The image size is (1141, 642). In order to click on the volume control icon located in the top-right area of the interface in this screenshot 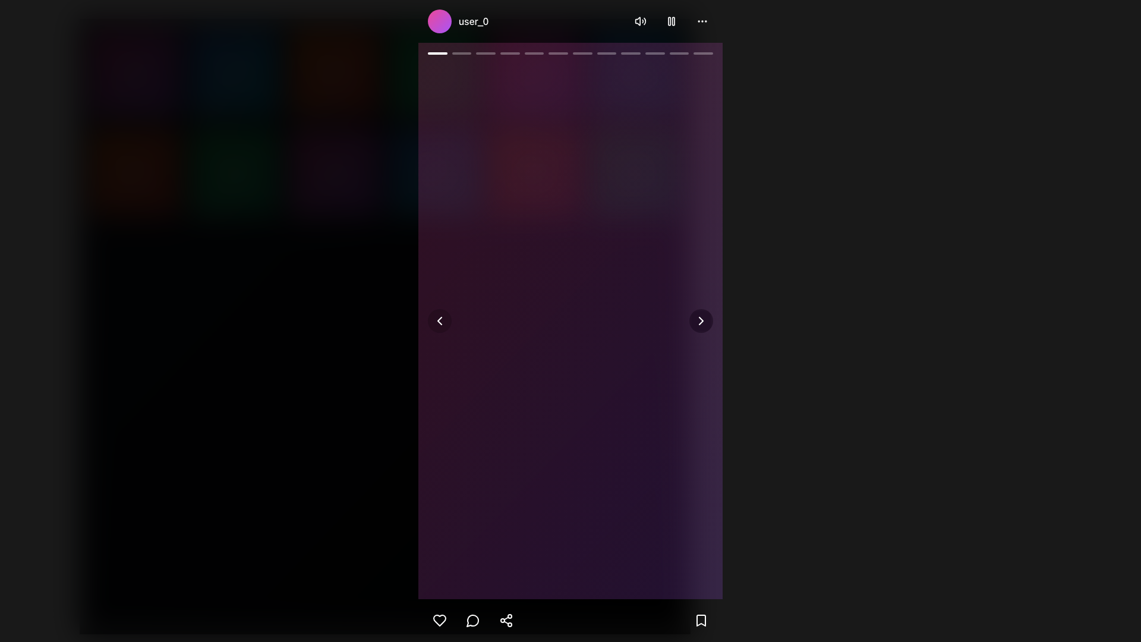, I will do `click(640, 21)`.